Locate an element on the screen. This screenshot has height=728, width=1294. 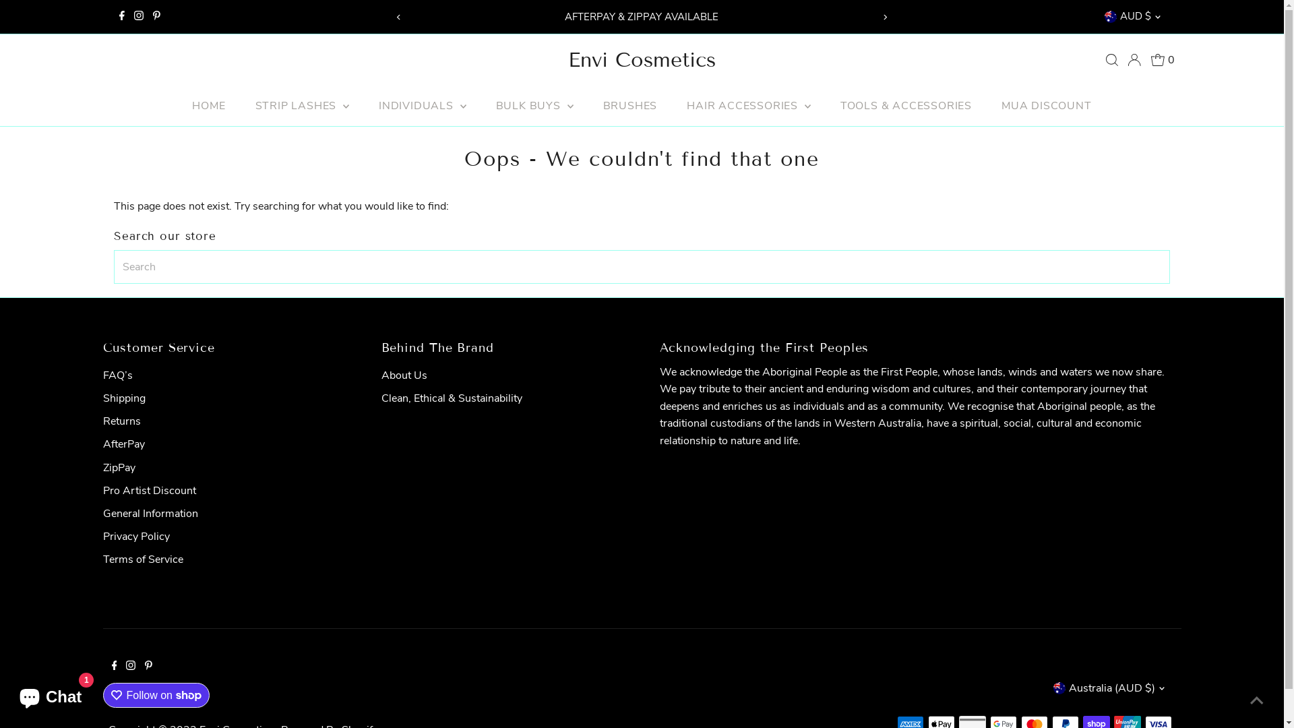
'Privacy Policy' is located at coordinates (135, 535).